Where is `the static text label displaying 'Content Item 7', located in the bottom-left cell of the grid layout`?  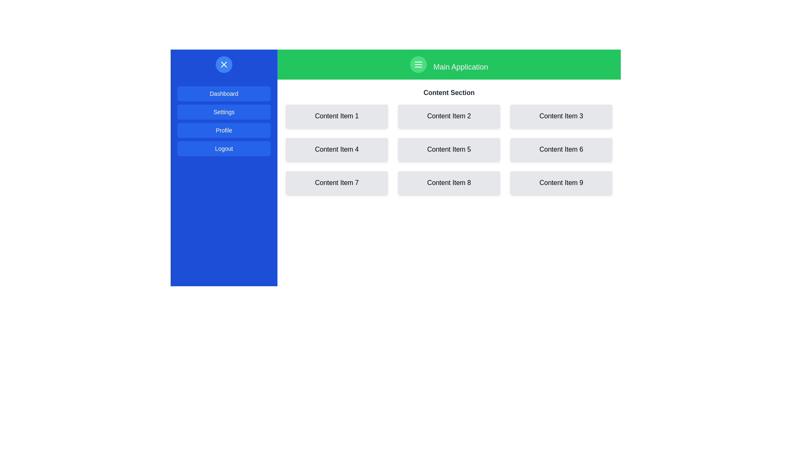 the static text label displaying 'Content Item 7', located in the bottom-left cell of the grid layout is located at coordinates (337, 182).